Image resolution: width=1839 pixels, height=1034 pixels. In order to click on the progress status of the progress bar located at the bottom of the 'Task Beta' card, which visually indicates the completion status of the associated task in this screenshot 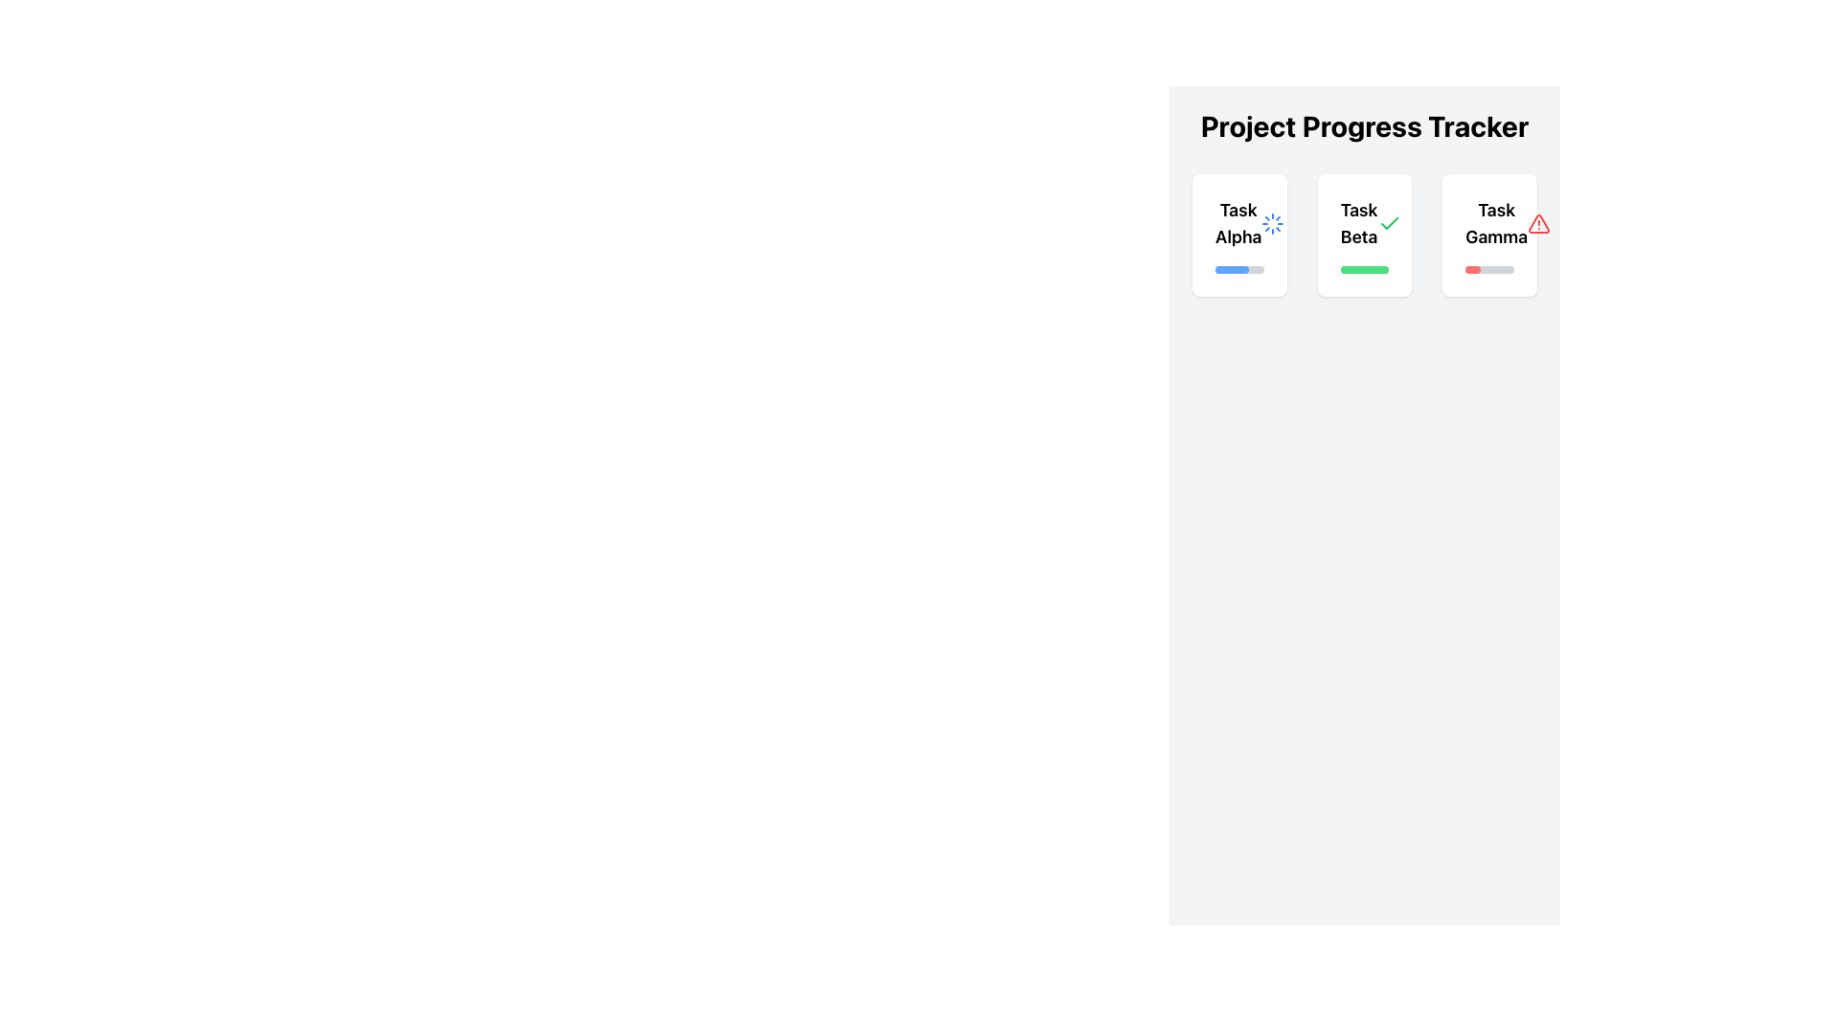, I will do `click(1364, 269)`.